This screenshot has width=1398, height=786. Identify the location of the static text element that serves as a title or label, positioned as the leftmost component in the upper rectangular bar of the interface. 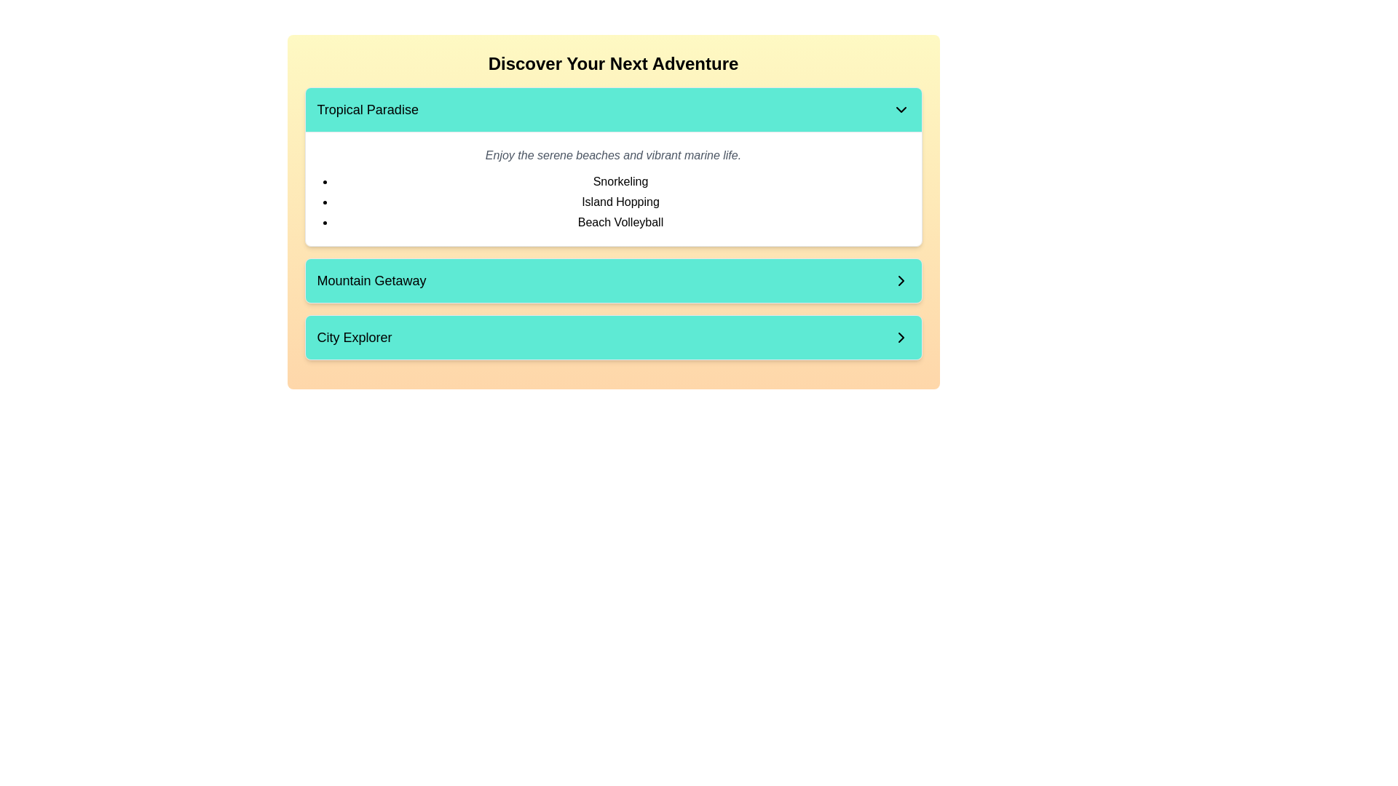
(368, 108).